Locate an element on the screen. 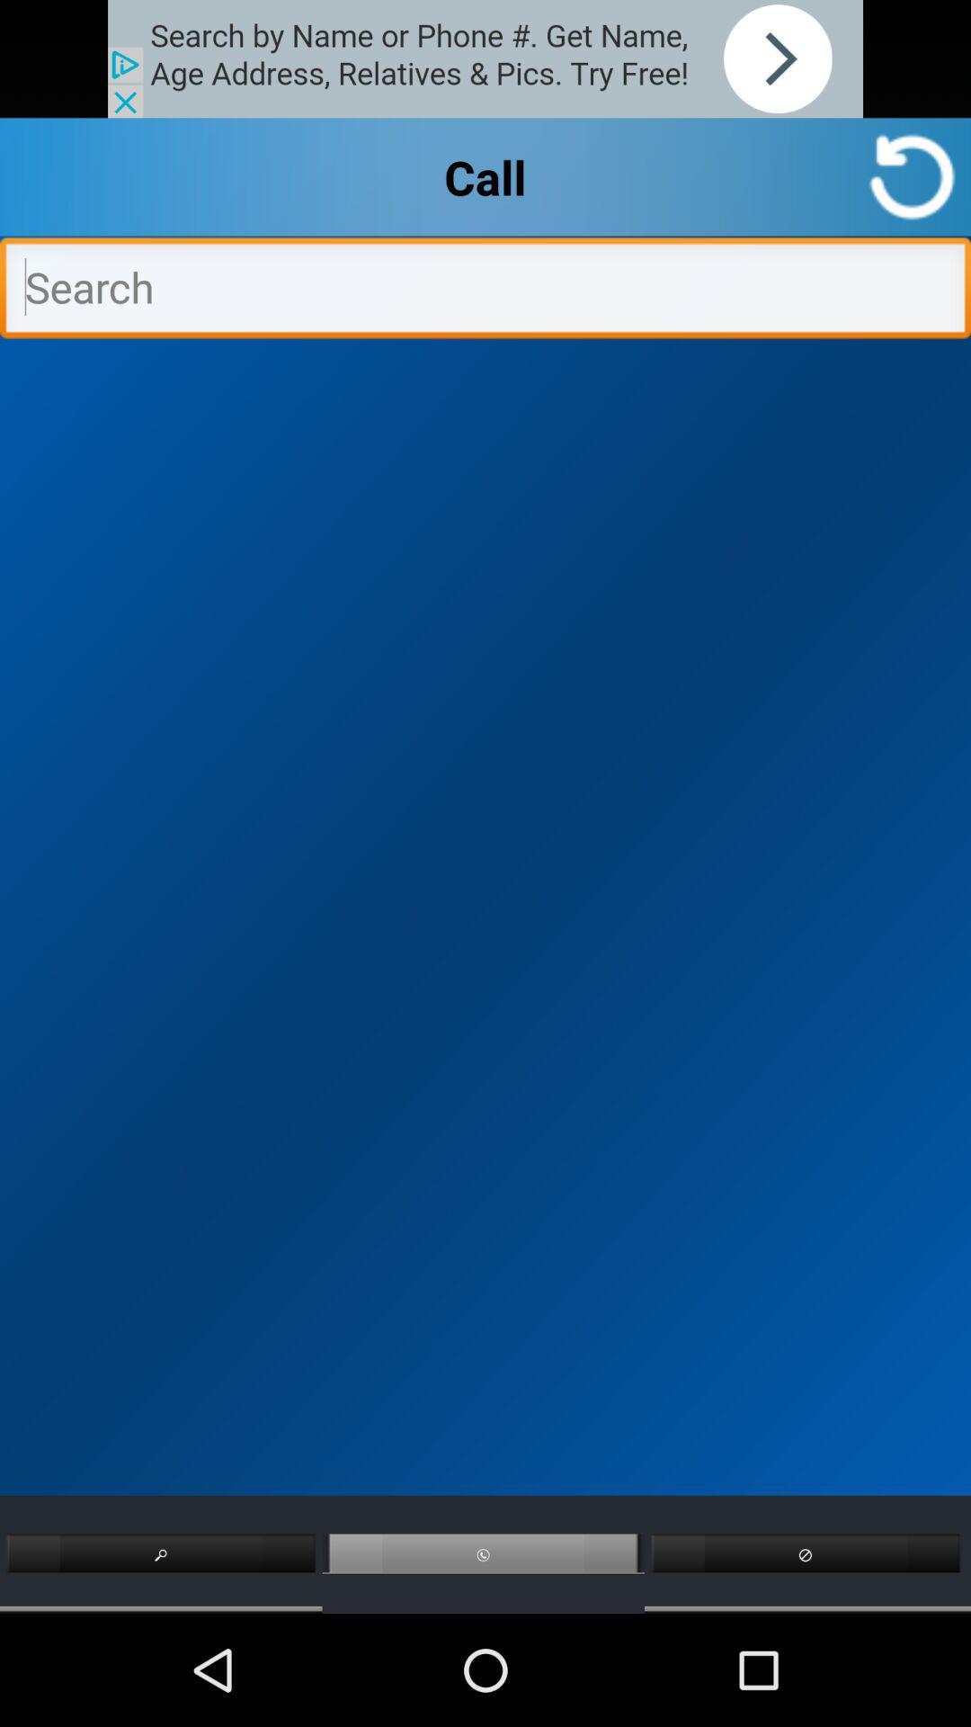  this option advertisement is located at coordinates (485, 58).